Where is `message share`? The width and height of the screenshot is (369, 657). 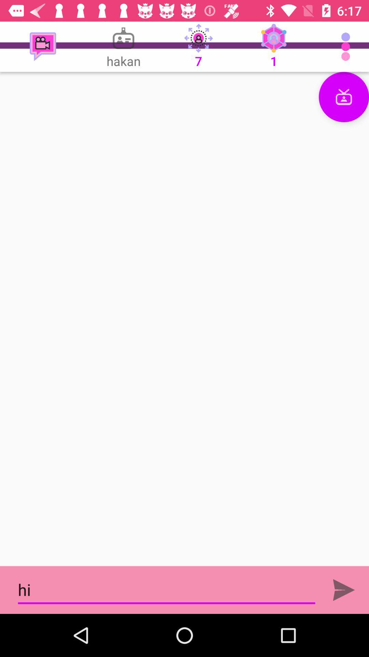 message share is located at coordinates (344, 590).